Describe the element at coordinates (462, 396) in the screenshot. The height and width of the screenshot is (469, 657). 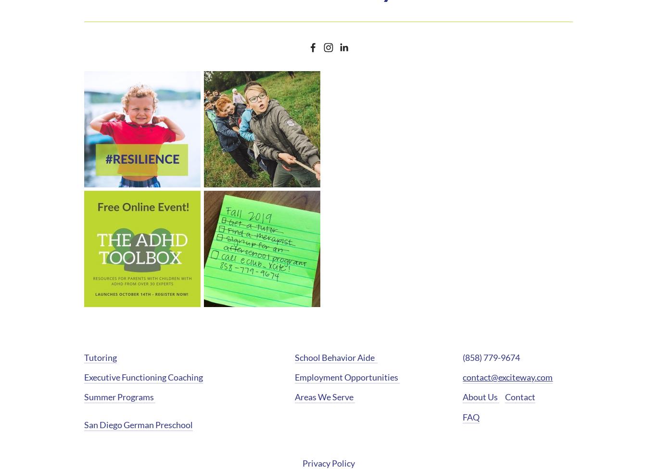
I see `'About Us'` at that location.